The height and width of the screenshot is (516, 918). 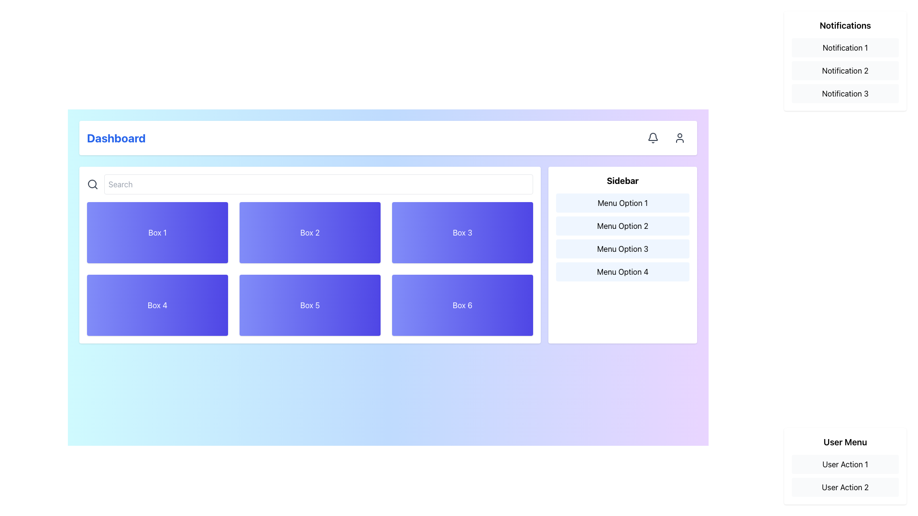 I want to click on the button-like element labeled 'User Action 2' with a light gray background, located at the bottom of the 'User Menu' vertical list, so click(x=845, y=487).